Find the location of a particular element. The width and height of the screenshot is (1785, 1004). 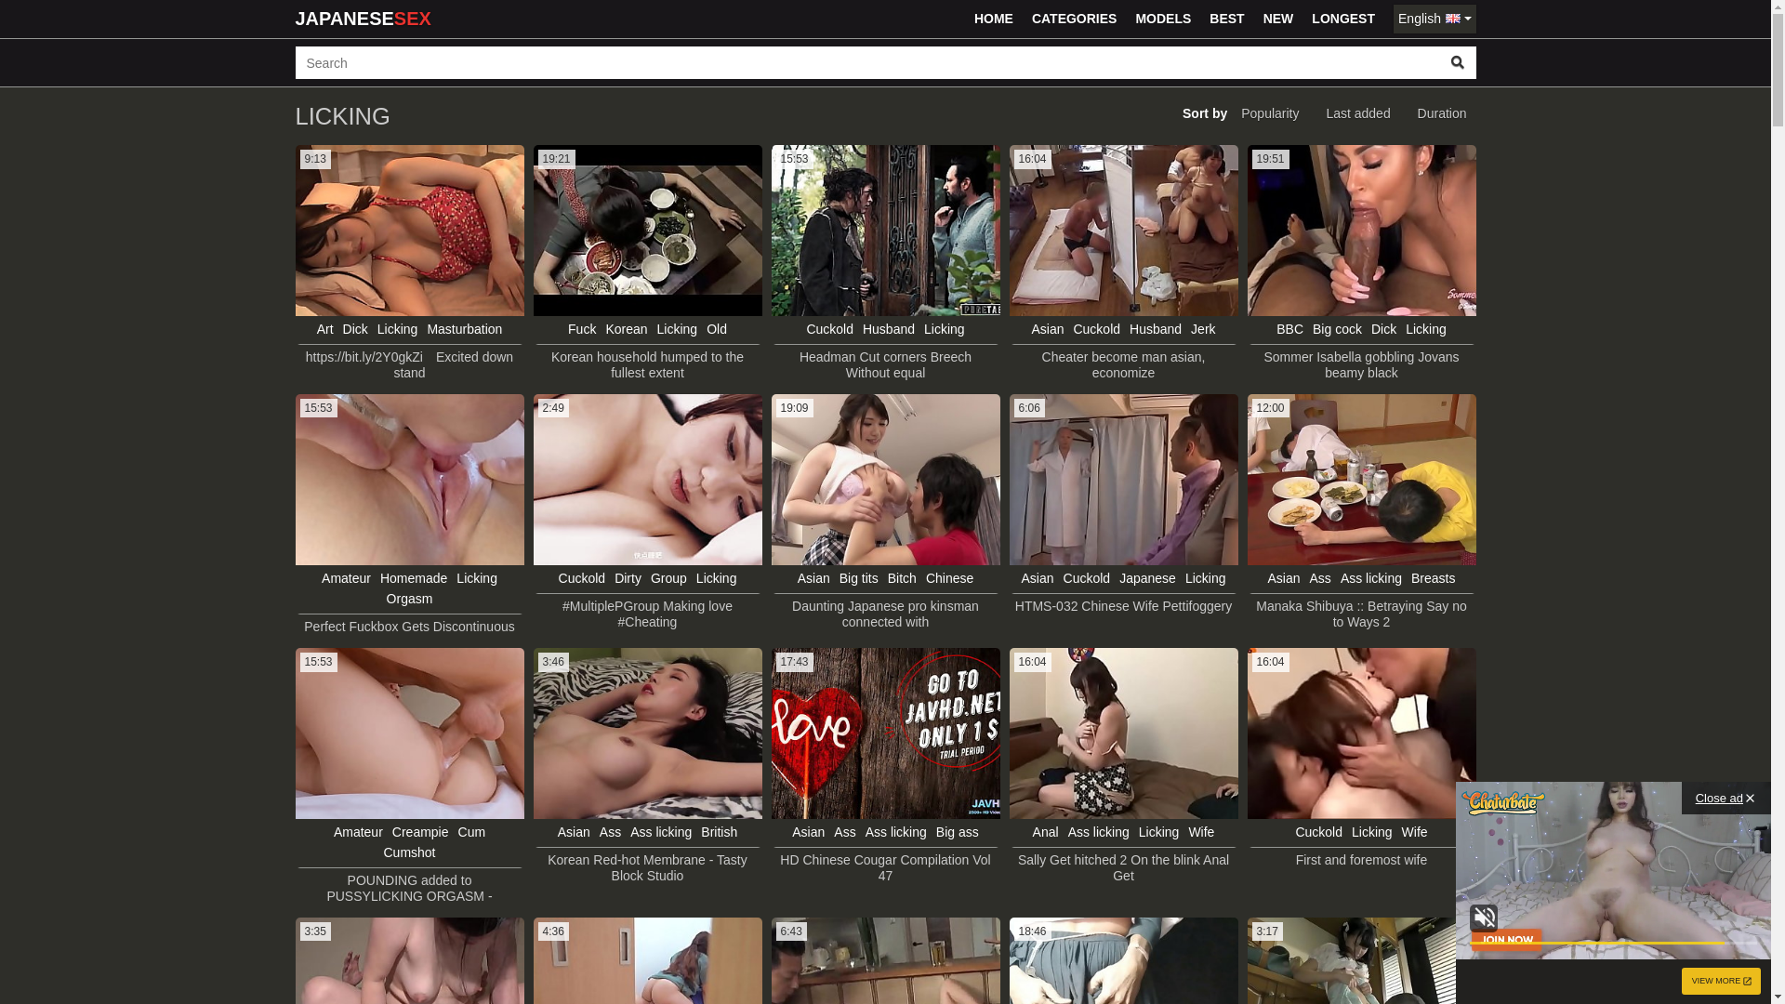

'Sally Get hitched 2 On the blink Anal Get' is located at coordinates (1011, 867).